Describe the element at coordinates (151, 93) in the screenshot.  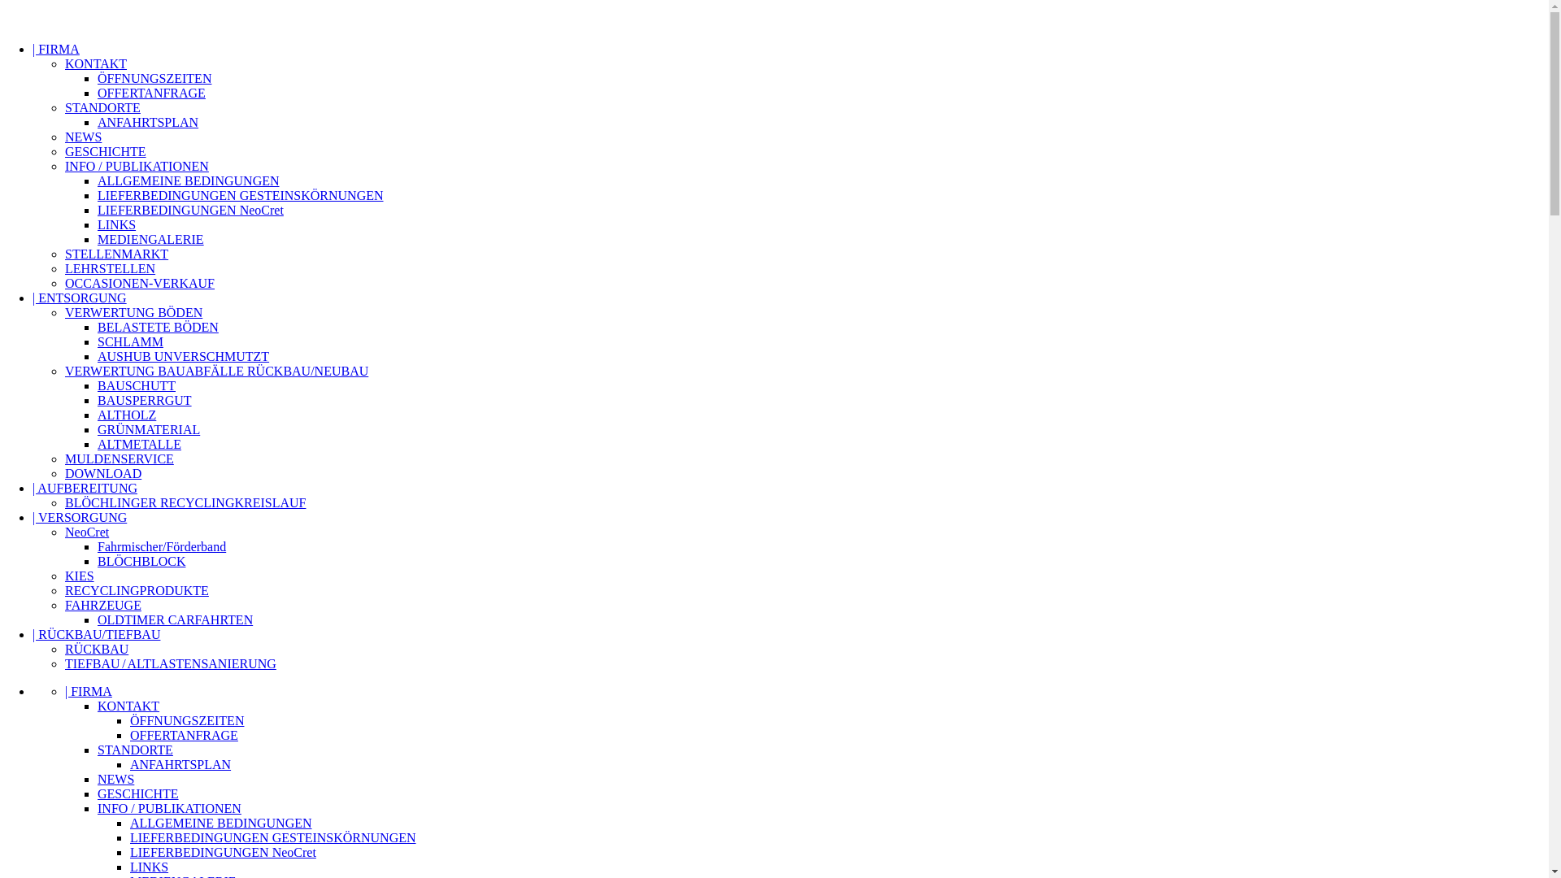
I see `'OFFERTANFRAGE'` at that location.